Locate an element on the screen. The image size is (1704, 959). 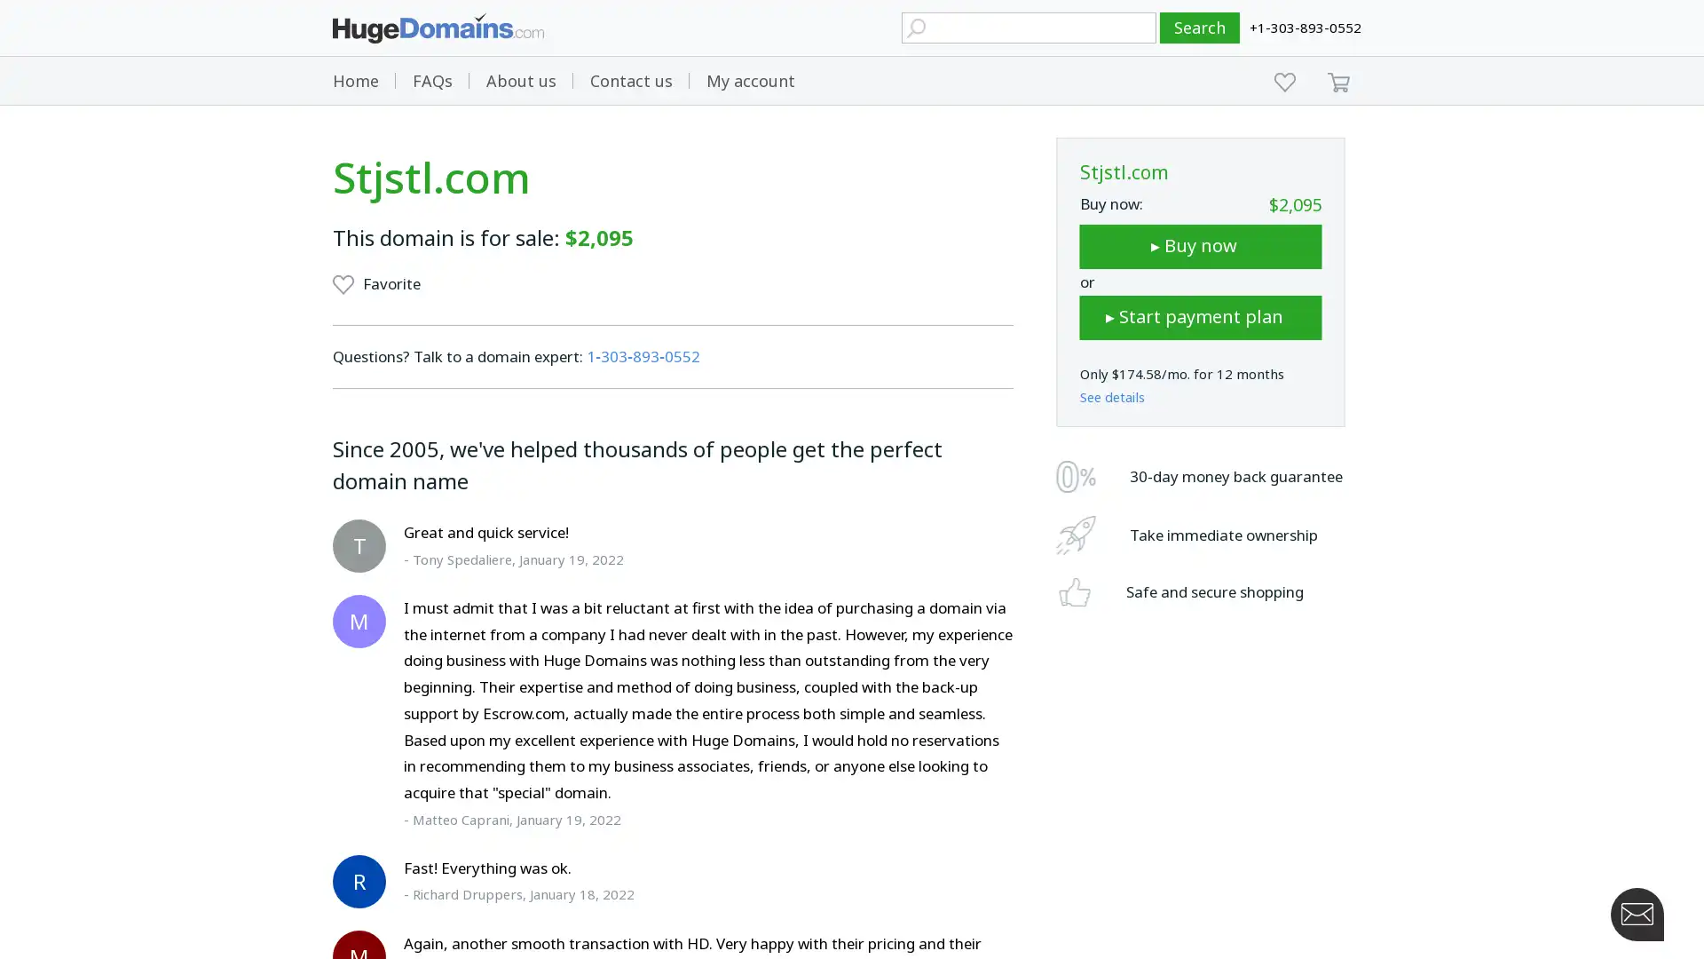
Search is located at coordinates (1200, 28).